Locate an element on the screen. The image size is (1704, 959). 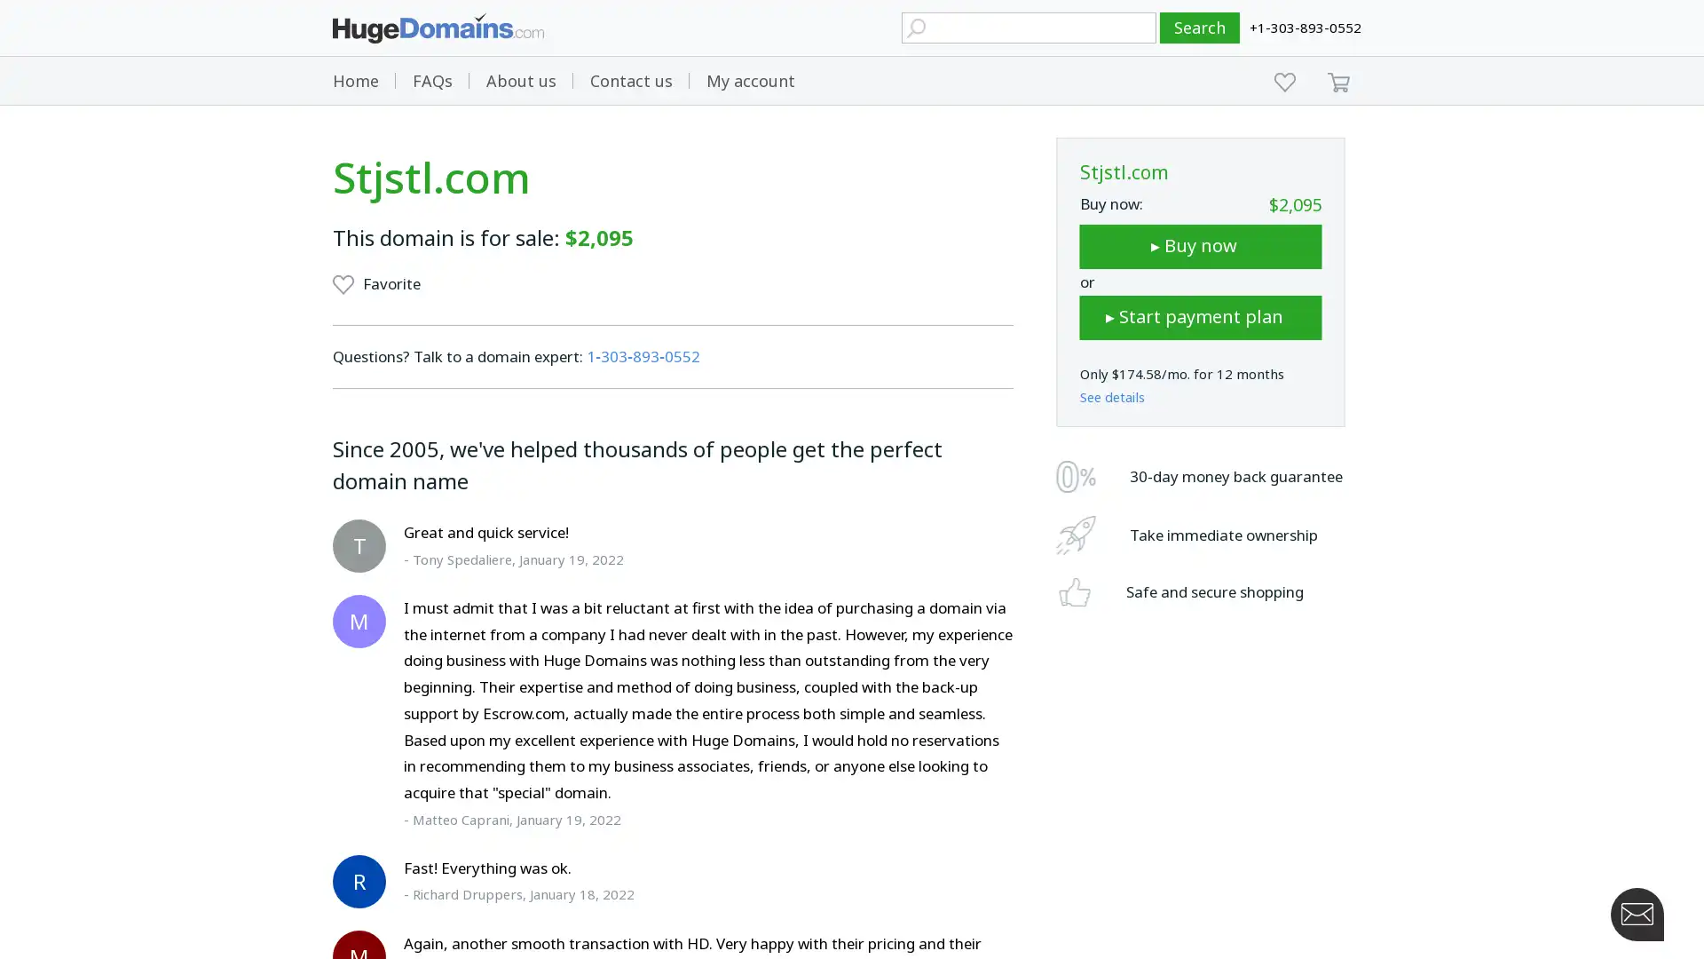
Search is located at coordinates (1200, 28).